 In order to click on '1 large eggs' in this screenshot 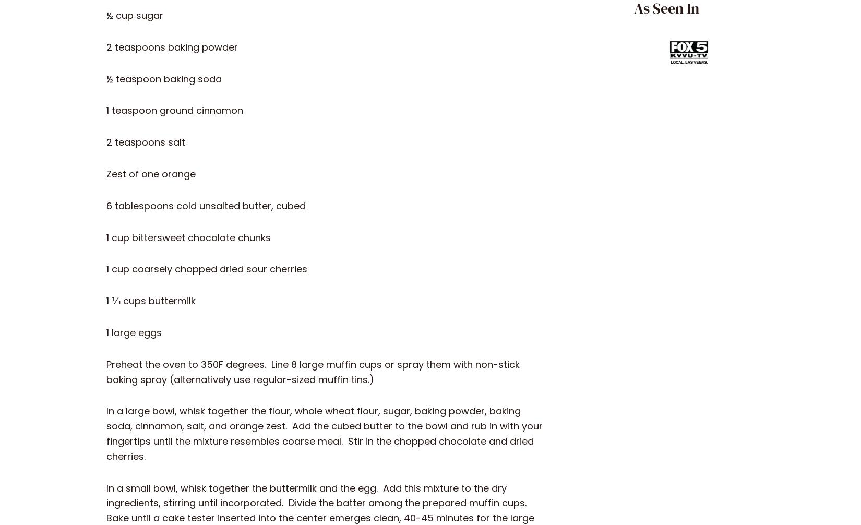, I will do `click(134, 332)`.